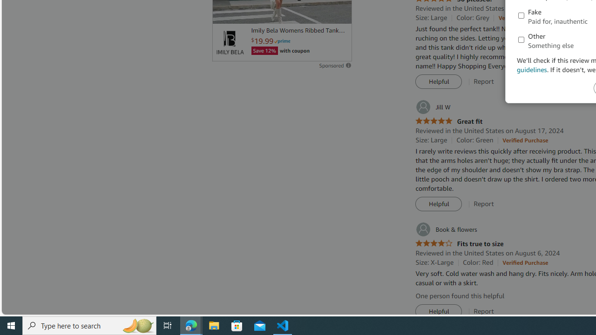 The height and width of the screenshot is (335, 596). I want to click on '5.0 out of 5 stars Great fit', so click(449, 121).